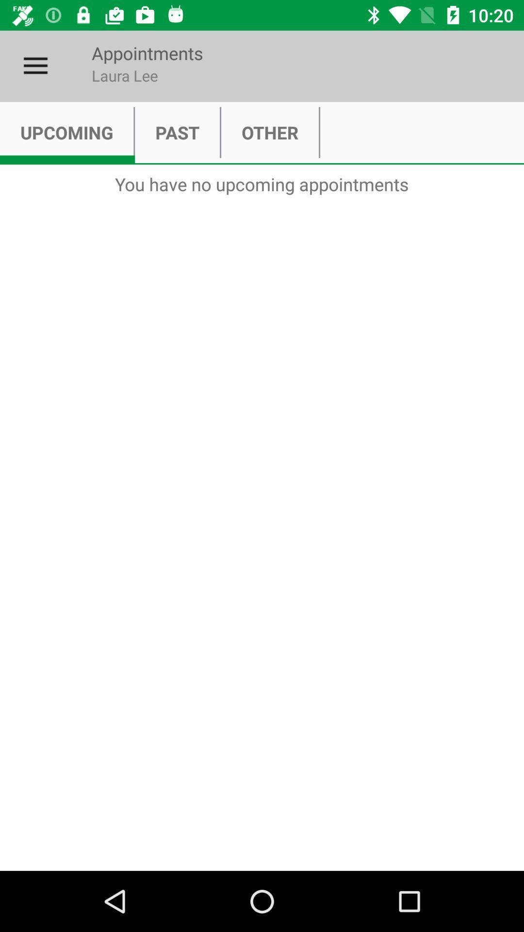 This screenshot has width=524, height=932. Describe the element at coordinates (35, 66) in the screenshot. I see `the item above upcoming icon` at that location.